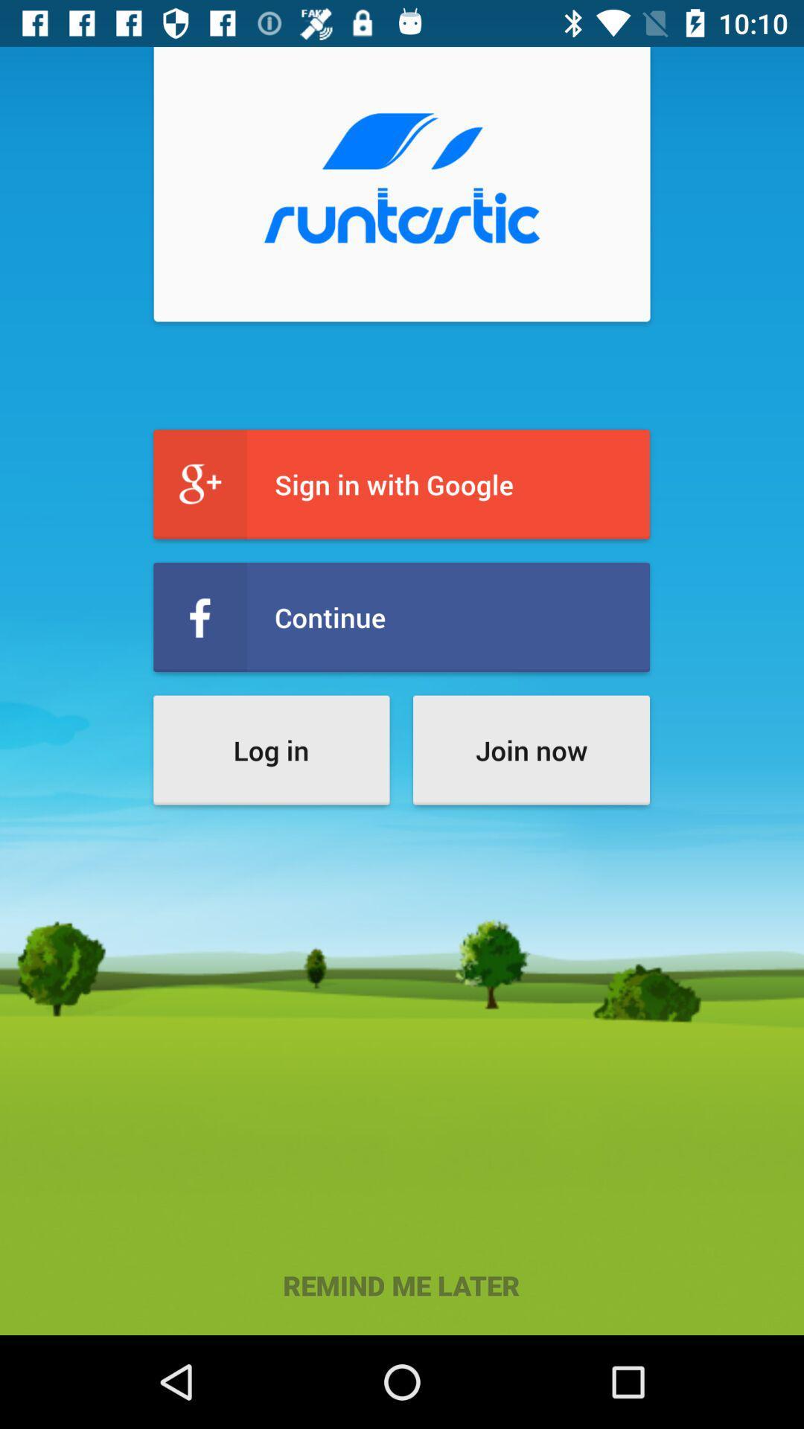 The height and width of the screenshot is (1429, 804). What do you see at coordinates (401, 1285) in the screenshot?
I see `the remind me later icon` at bounding box center [401, 1285].